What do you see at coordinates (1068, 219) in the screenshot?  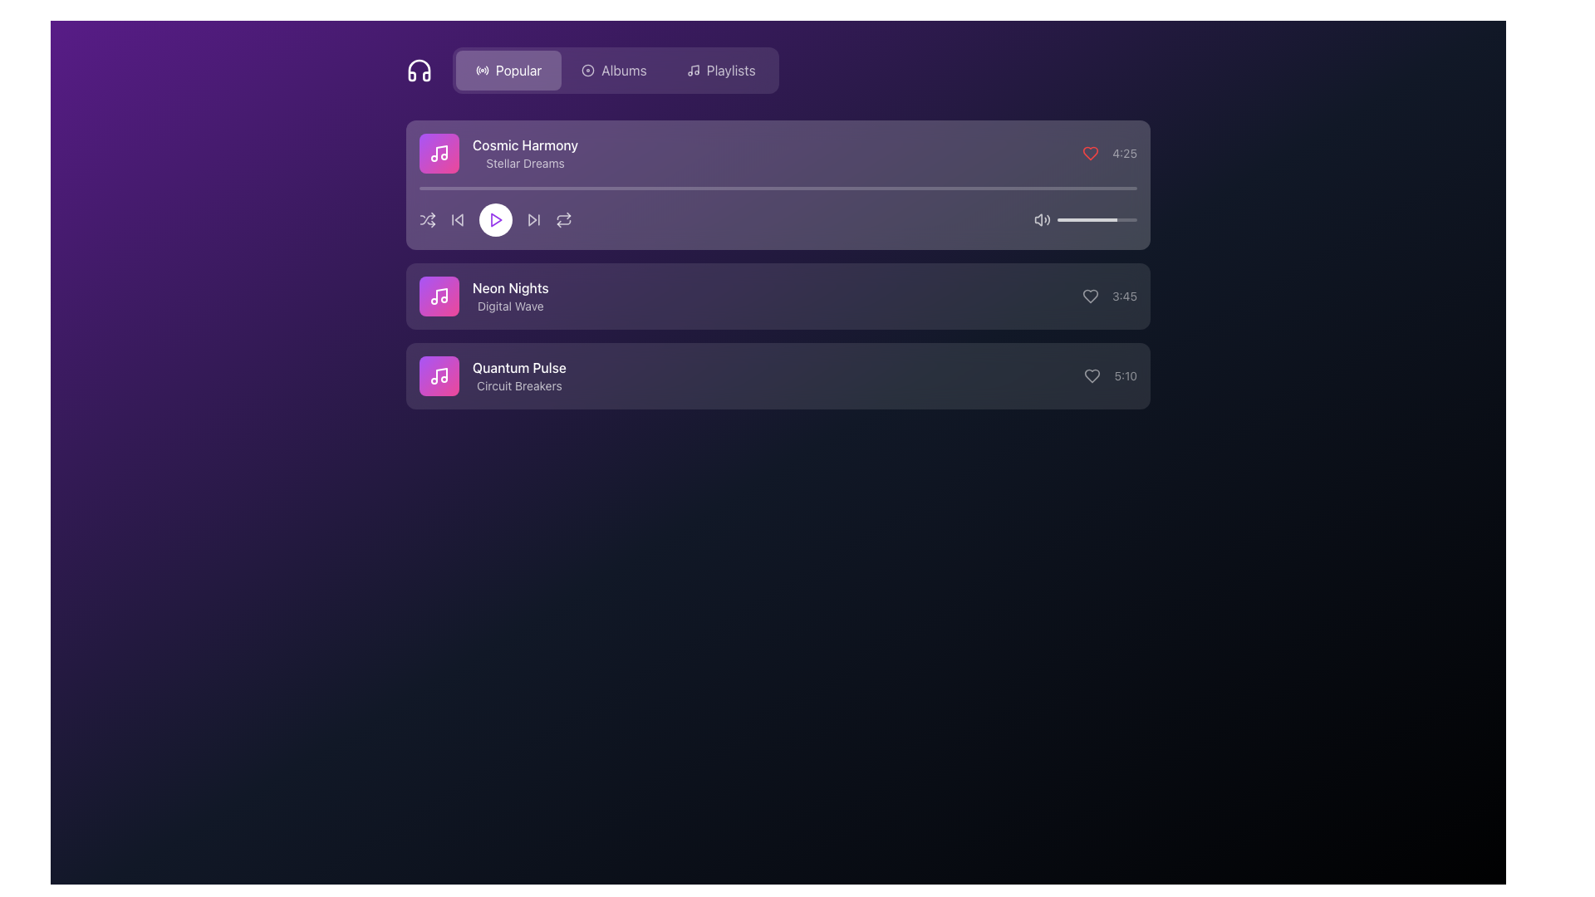 I see `the slider` at bounding box center [1068, 219].